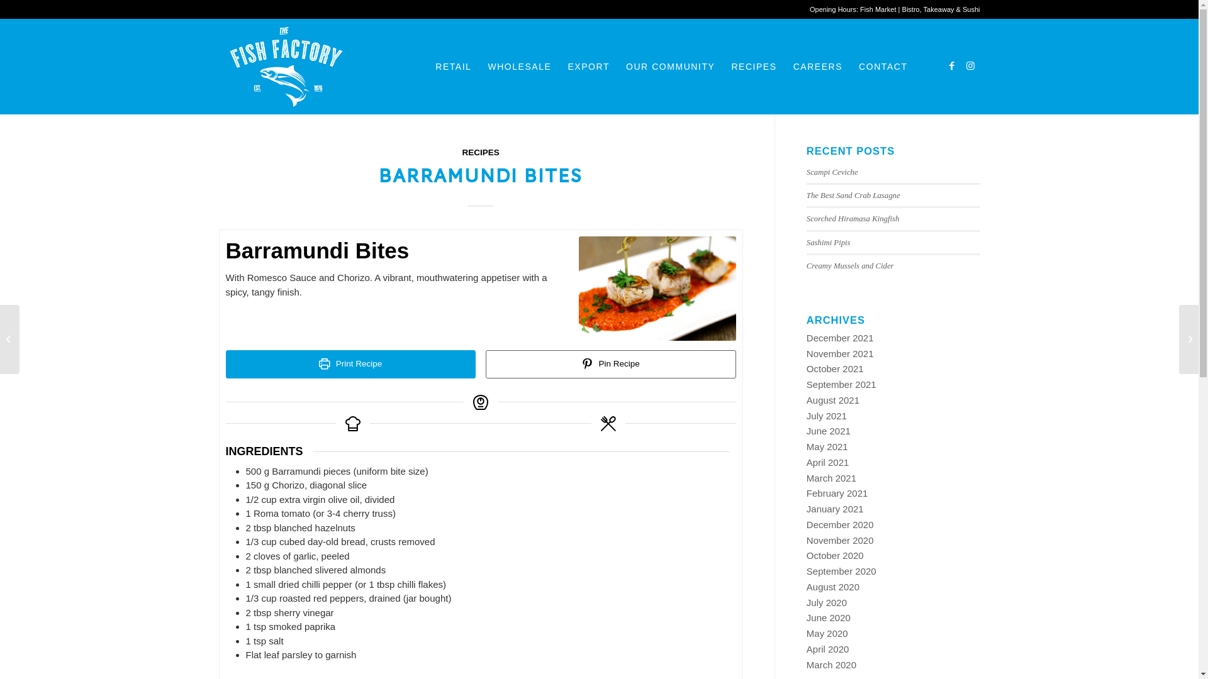 Image resolution: width=1208 pixels, height=679 pixels. Describe the element at coordinates (806, 664) in the screenshot. I see `'March 2020'` at that location.